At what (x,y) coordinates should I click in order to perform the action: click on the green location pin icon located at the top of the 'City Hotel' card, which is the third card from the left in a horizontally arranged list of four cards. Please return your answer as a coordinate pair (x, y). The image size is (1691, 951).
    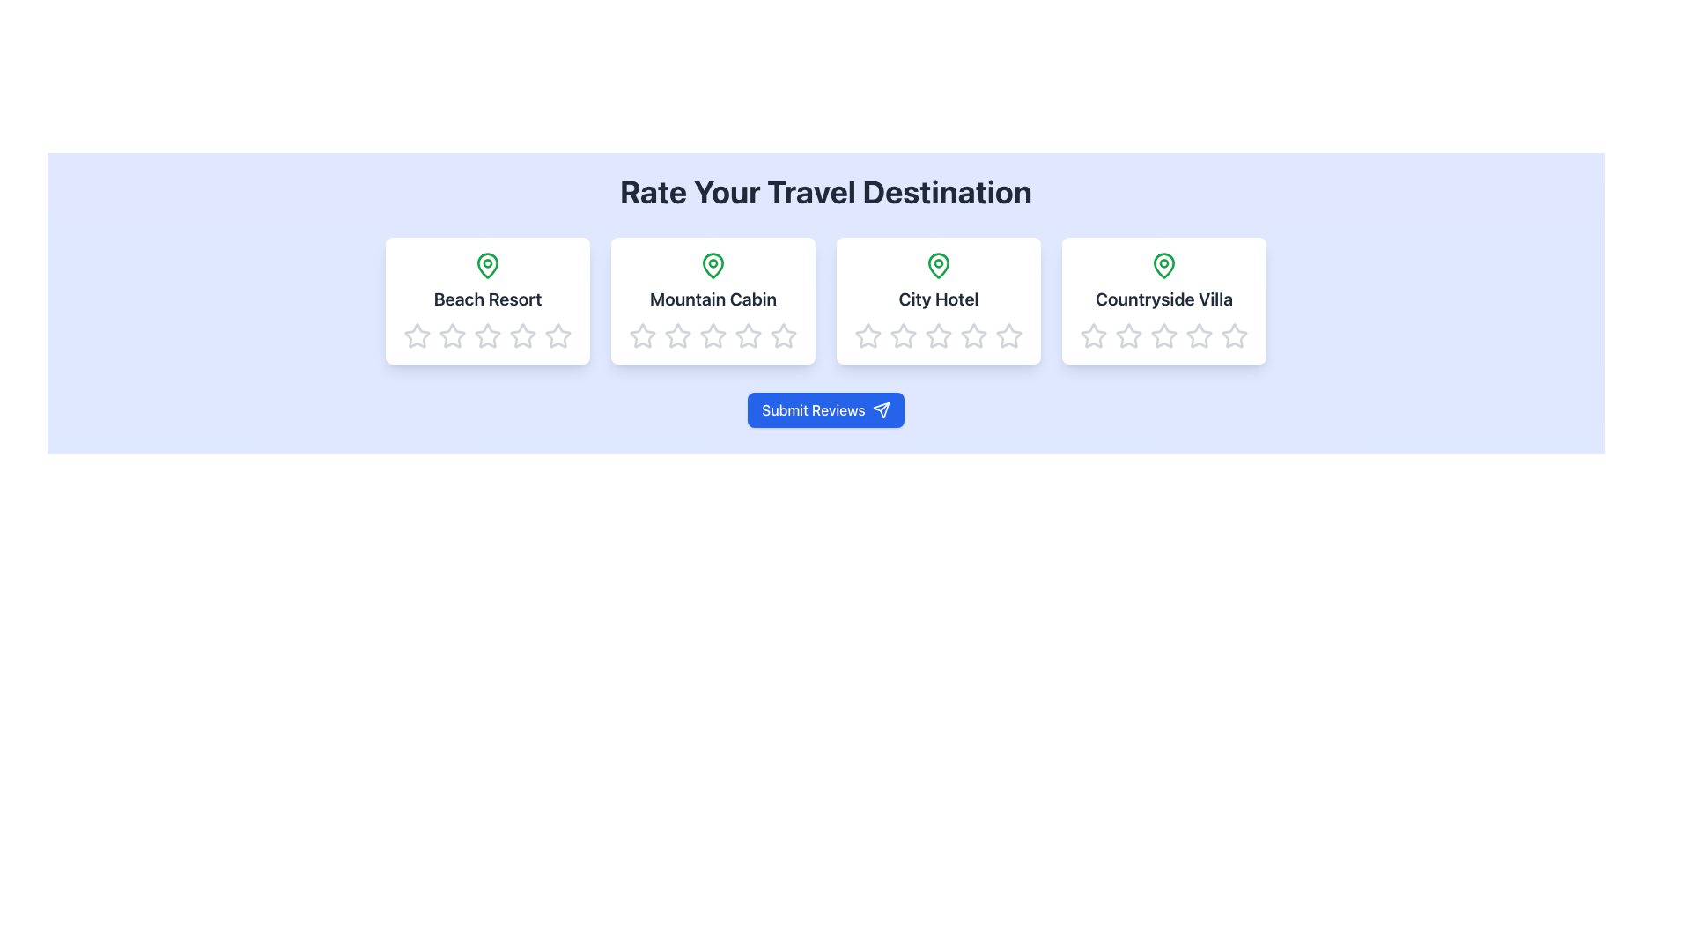
    Looking at the image, I should click on (937, 265).